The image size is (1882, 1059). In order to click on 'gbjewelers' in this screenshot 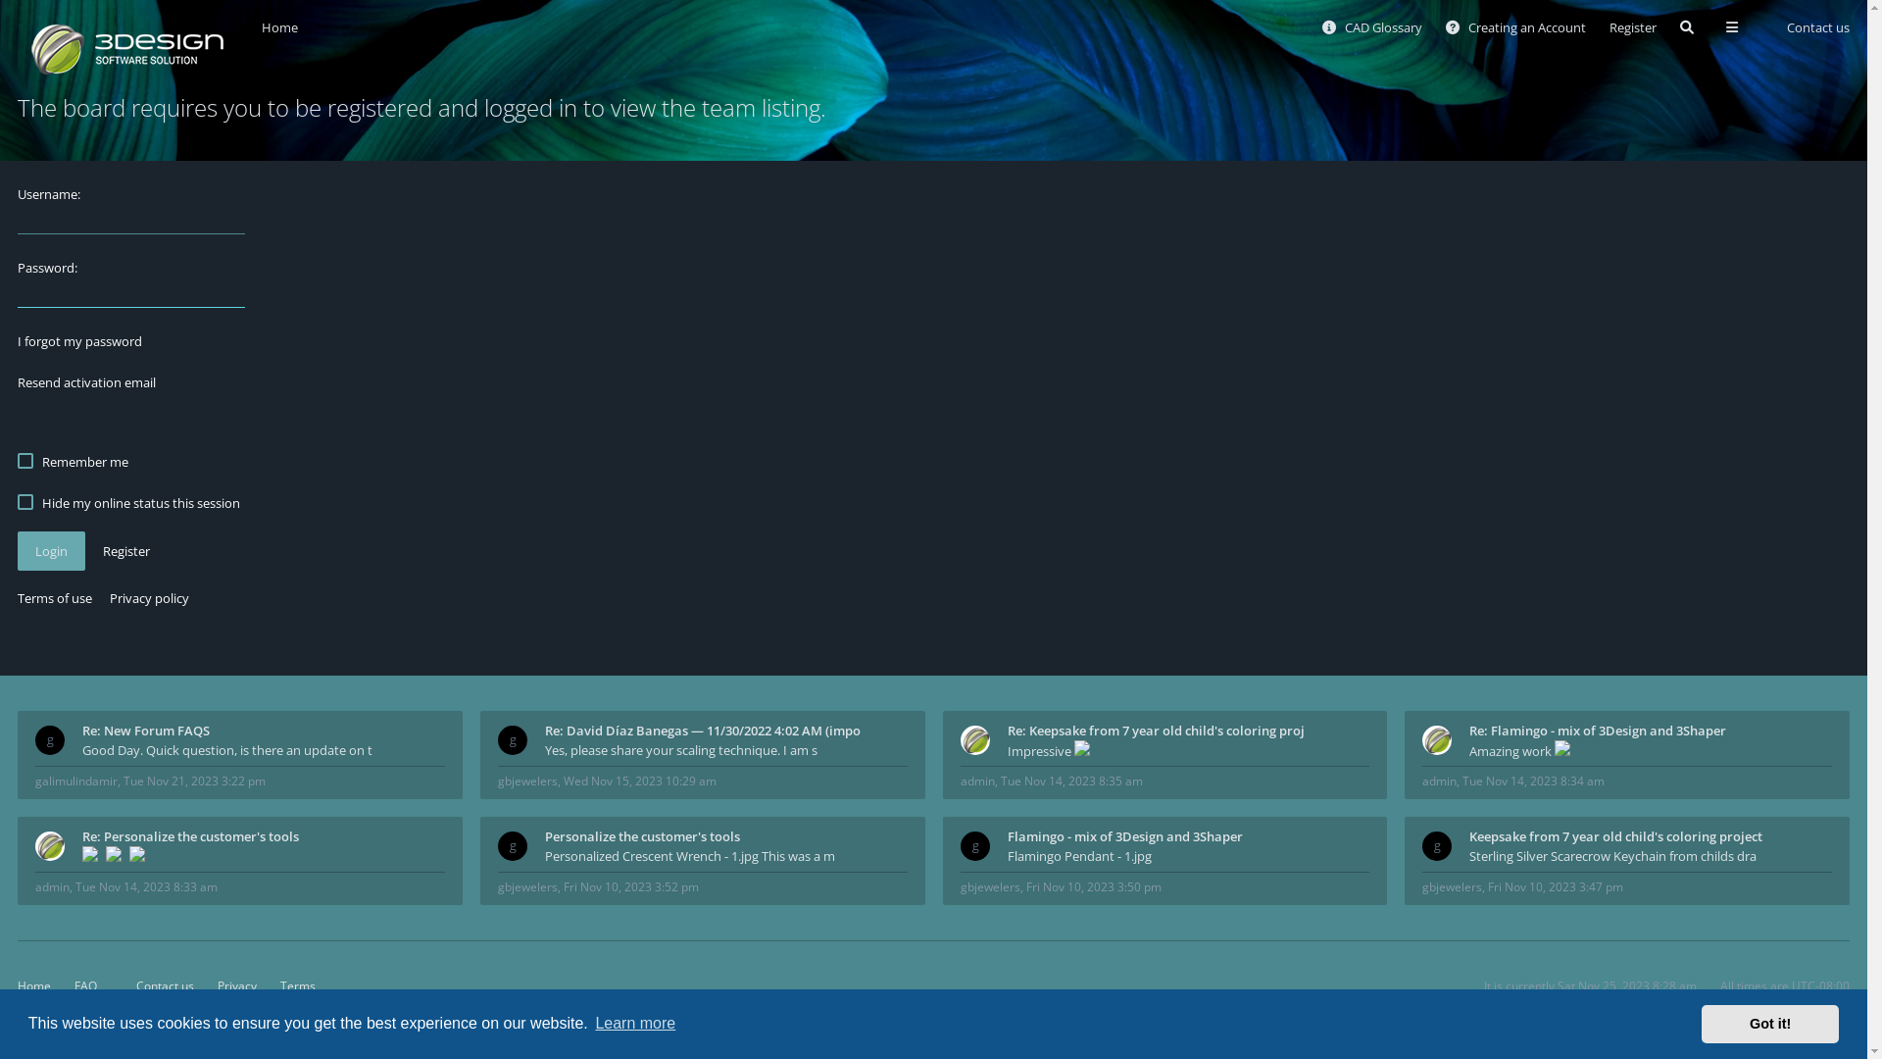, I will do `click(527, 780)`.